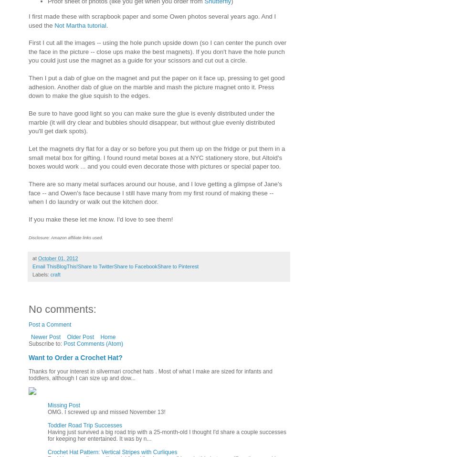  Describe the element at coordinates (151, 20) in the screenshot. I see `'I first made these with scrapbook paper and some Owen photos several years ago. And I used the'` at that location.